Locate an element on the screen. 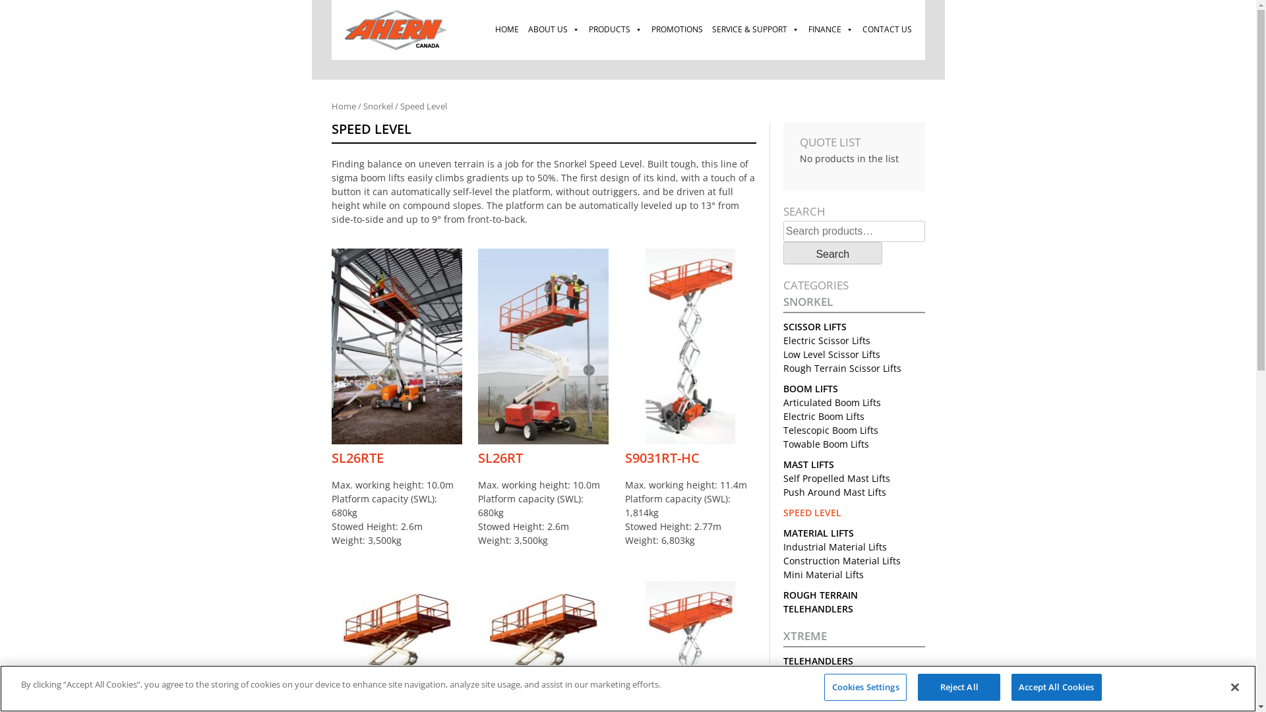 Image resolution: width=1266 pixels, height=712 pixels. 'Snorkel' is located at coordinates (377, 105).